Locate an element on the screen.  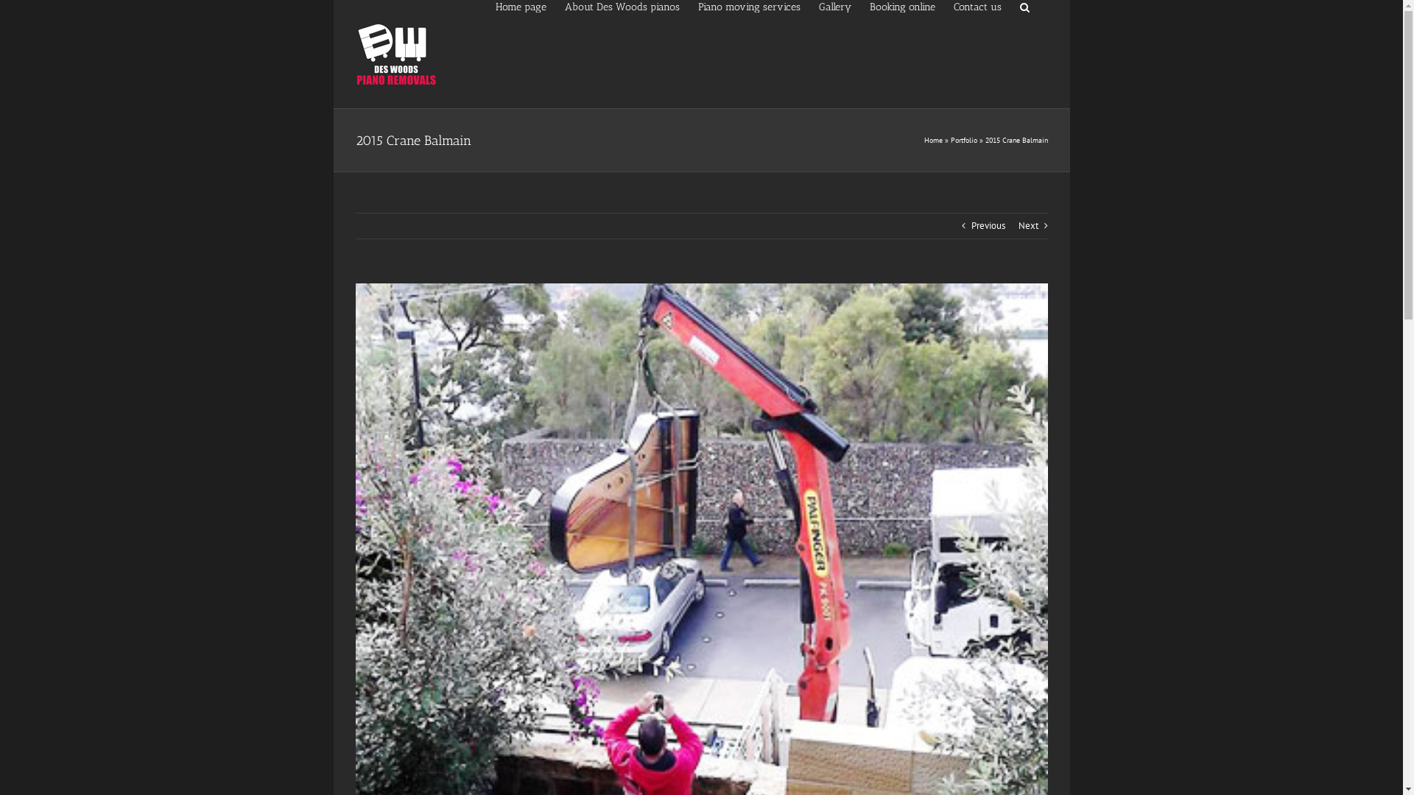
'Home page' is located at coordinates (520, 6).